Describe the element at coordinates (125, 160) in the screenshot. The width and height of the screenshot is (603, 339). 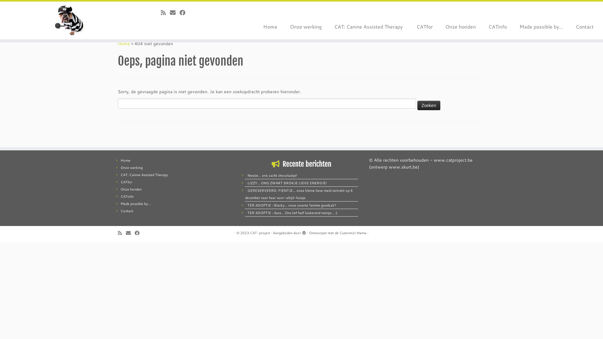
I see `'Home'` at that location.